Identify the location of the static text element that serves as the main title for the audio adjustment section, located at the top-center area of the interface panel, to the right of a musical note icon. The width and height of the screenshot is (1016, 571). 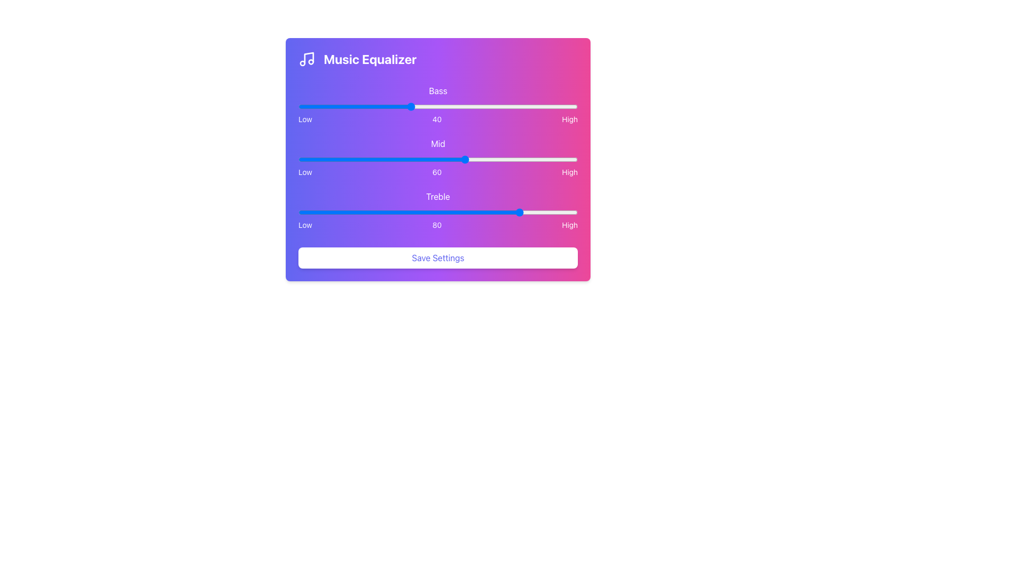
(370, 59).